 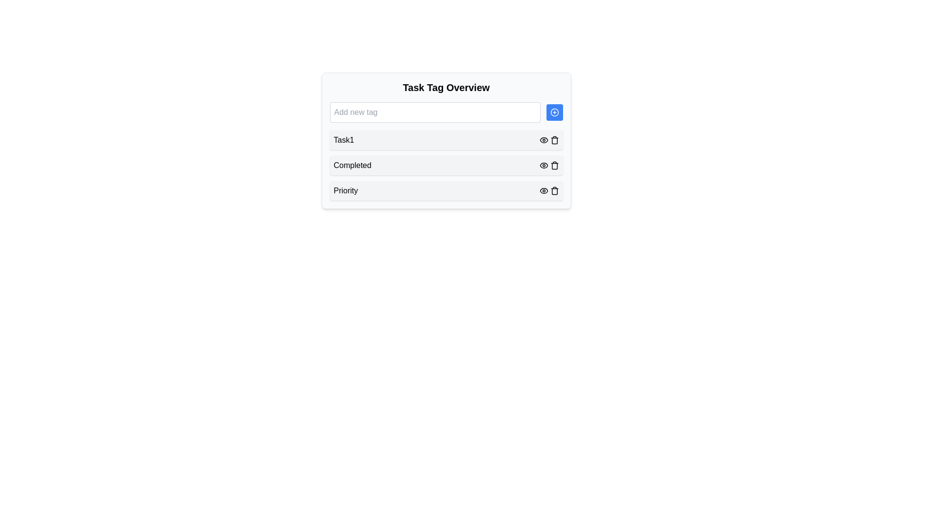 What do you see at coordinates (549, 140) in the screenshot?
I see `the eye icon in the Composite Control containing the eye and trash bin icons associated with the 'Task1' entry` at bounding box center [549, 140].